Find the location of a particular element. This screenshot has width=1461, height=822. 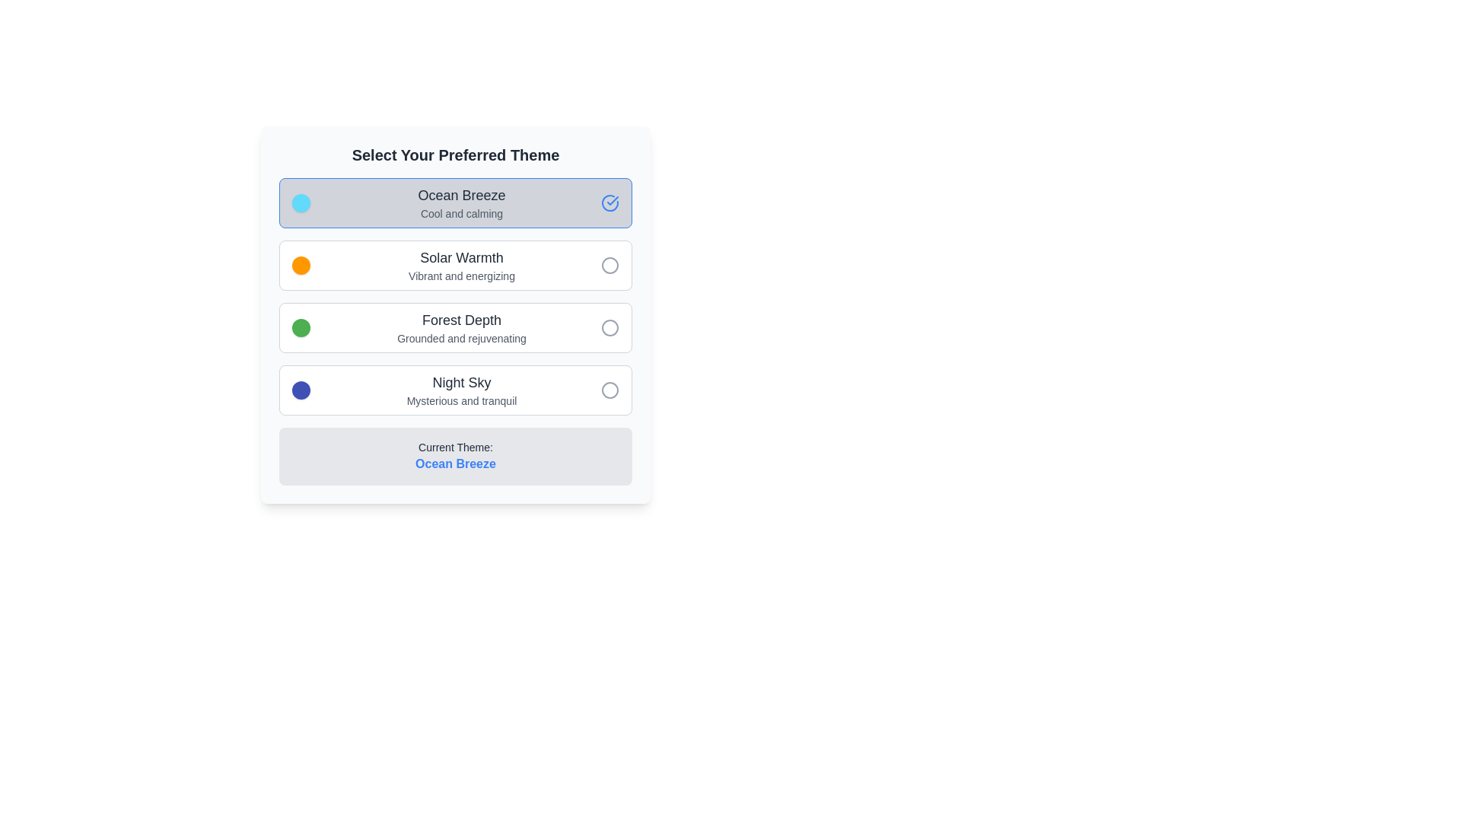

the theme button in the center of the selection menu is located at coordinates (455, 314).